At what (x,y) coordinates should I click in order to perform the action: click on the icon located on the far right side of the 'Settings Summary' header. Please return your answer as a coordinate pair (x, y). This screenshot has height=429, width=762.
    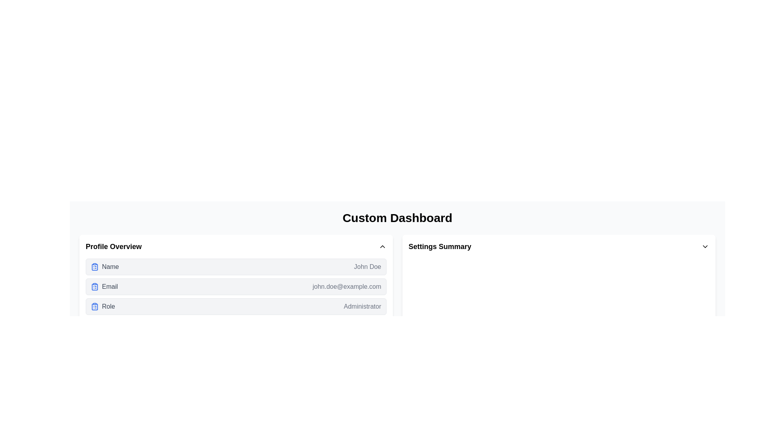
    Looking at the image, I should click on (705, 246).